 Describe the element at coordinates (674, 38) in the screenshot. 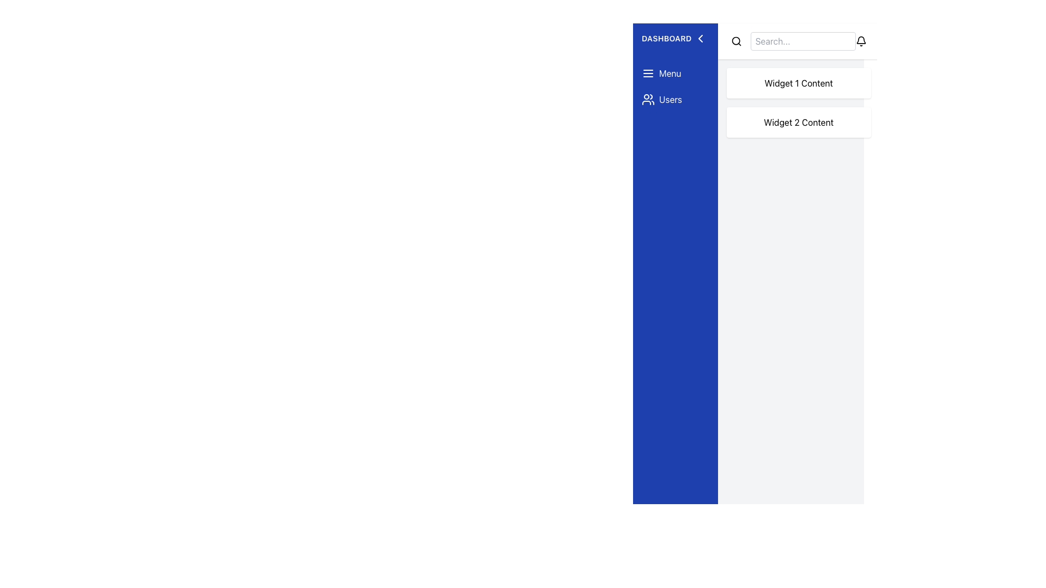

I see `the title or header Text element with stylistic emphasis located at the top left of the sidebar, which indicates the current context or active page` at that location.